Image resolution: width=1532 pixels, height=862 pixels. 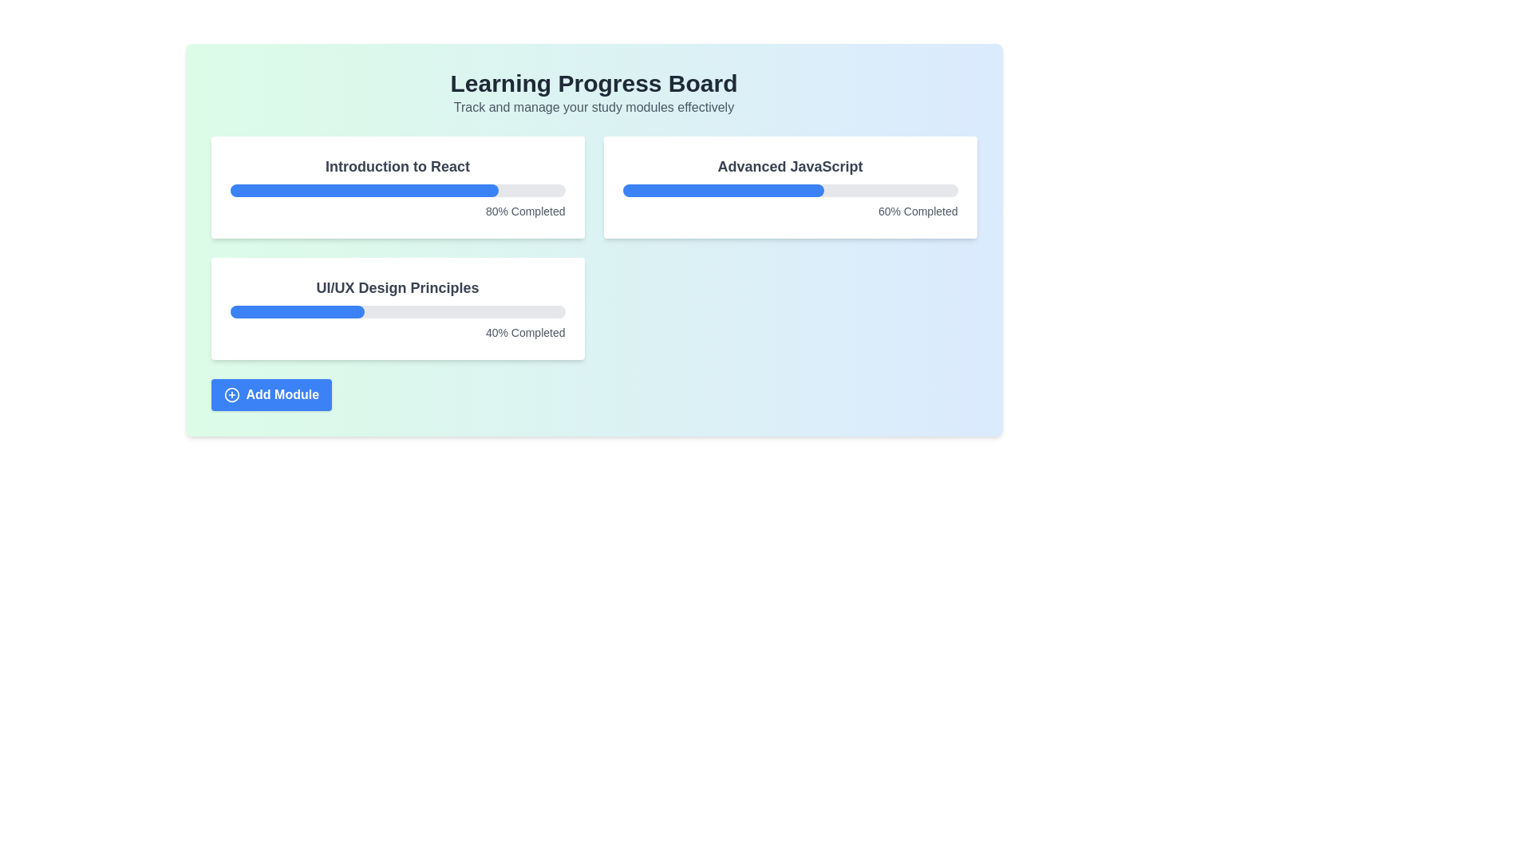 What do you see at coordinates (397, 288) in the screenshot?
I see `the bold text label displaying 'UI/UX Design Principles' located at the top center of the white card` at bounding box center [397, 288].